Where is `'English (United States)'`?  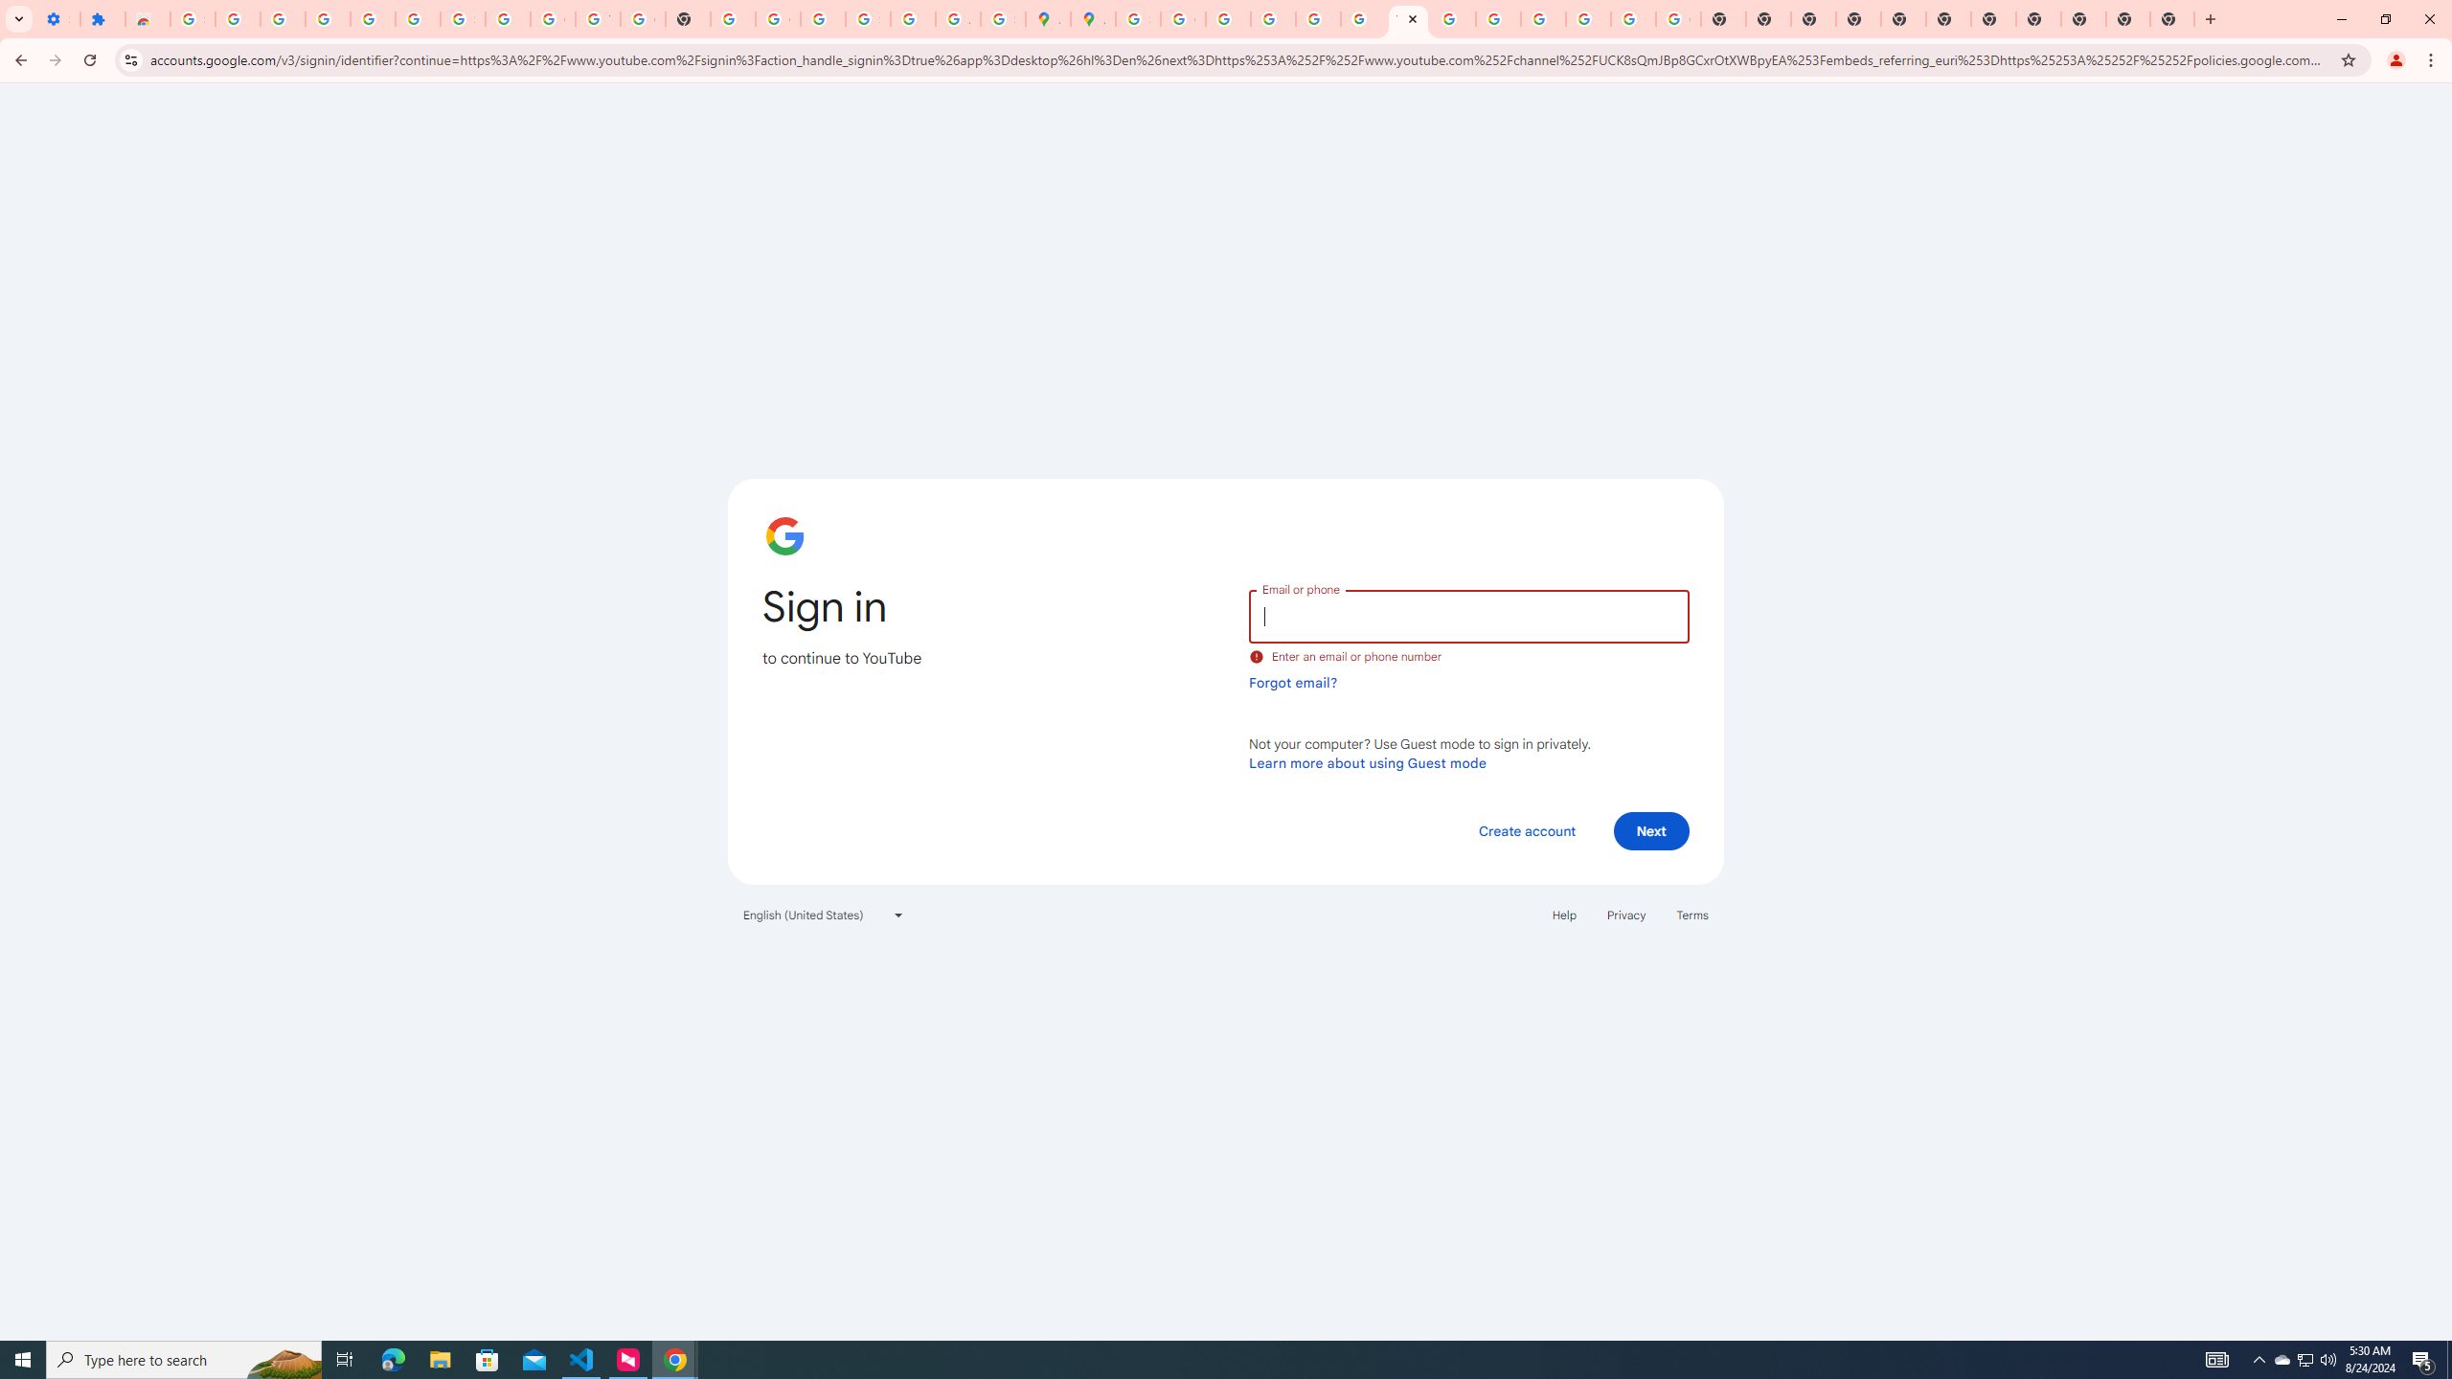 'English (United States)' is located at coordinates (824, 914).